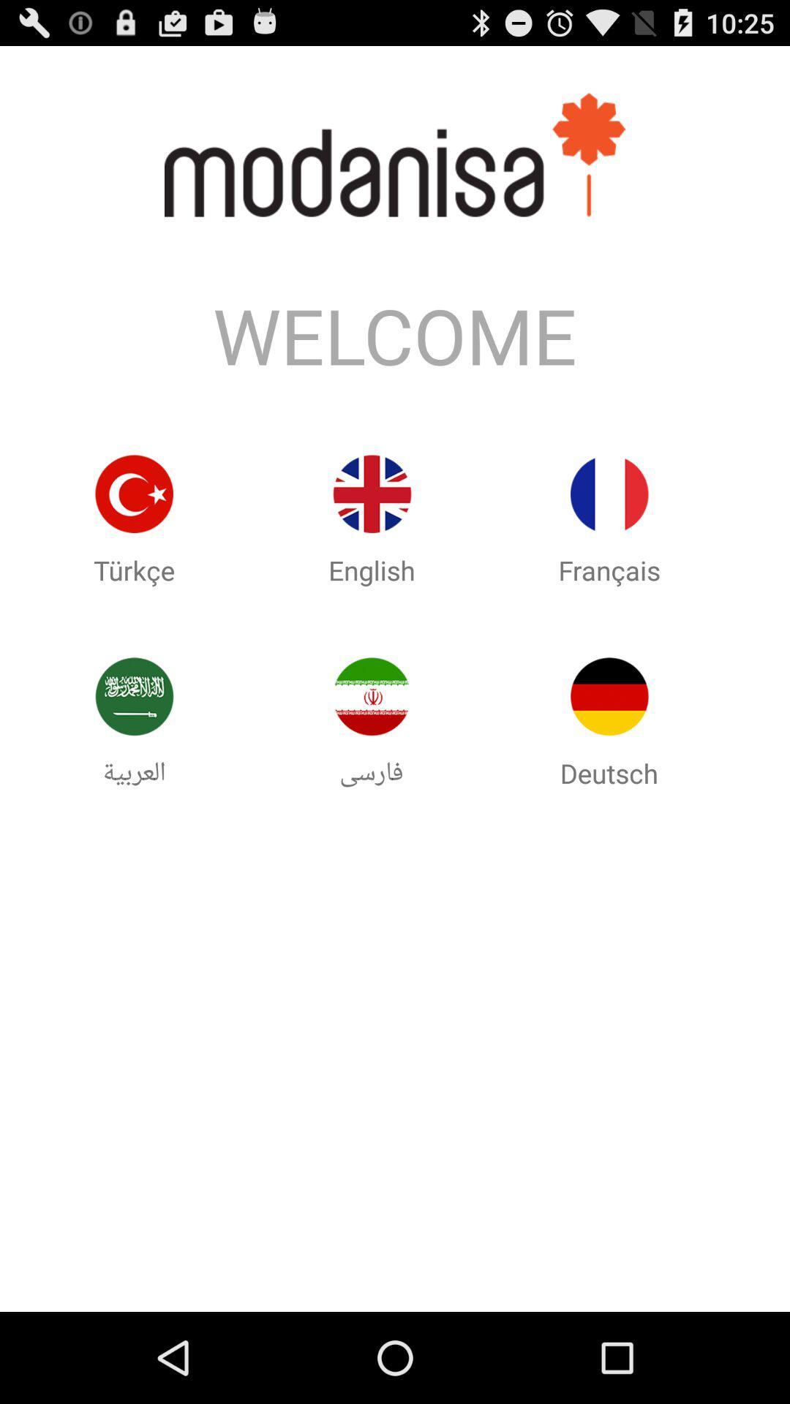 The height and width of the screenshot is (1404, 790). What do you see at coordinates (609, 724) in the screenshot?
I see `the image below francais` at bounding box center [609, 724].